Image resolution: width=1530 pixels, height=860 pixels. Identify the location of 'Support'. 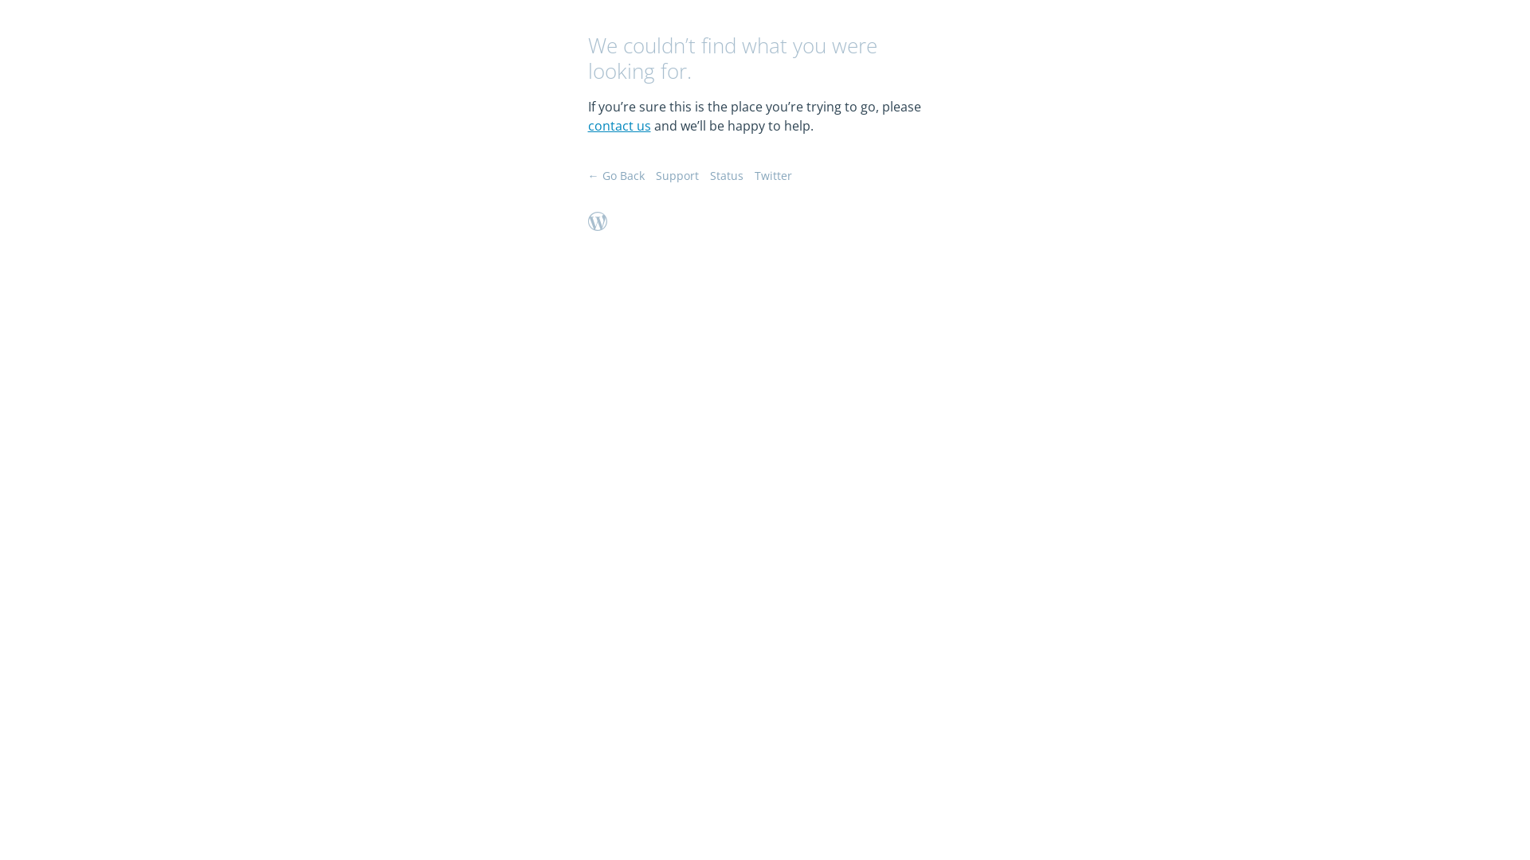
(654, 175).